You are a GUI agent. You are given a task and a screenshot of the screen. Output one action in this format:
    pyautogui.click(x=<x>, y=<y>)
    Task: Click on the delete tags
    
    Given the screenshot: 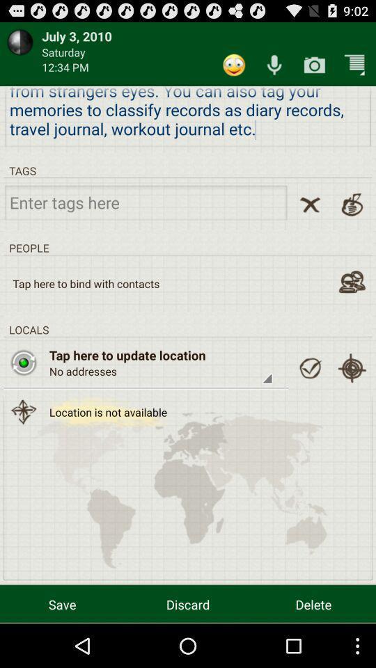 What is the action you would take?
    pyautogui.click(x=310, y=204)
    